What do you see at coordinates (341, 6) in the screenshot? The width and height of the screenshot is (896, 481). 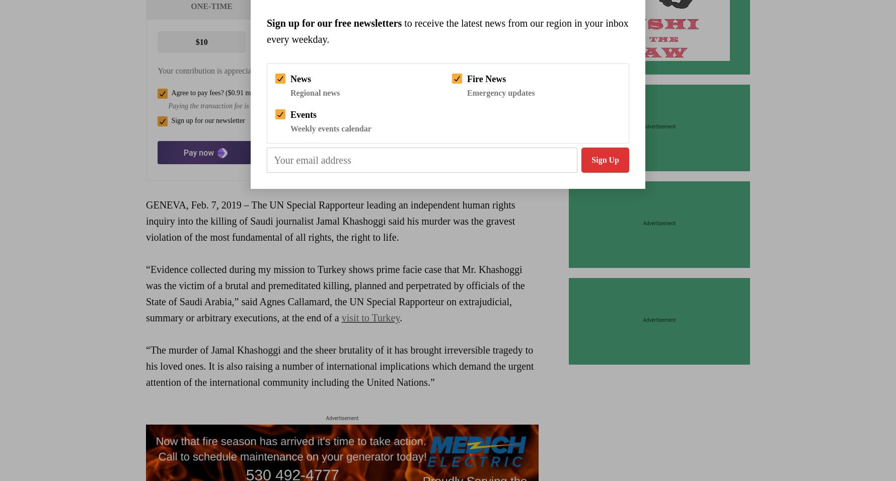 I see `'Monthly'` at bounding box center [341, 6].